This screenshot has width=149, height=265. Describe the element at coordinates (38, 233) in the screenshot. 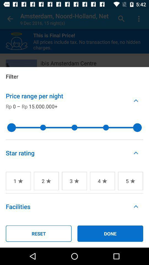

I see `icon below the facilities` at that location.